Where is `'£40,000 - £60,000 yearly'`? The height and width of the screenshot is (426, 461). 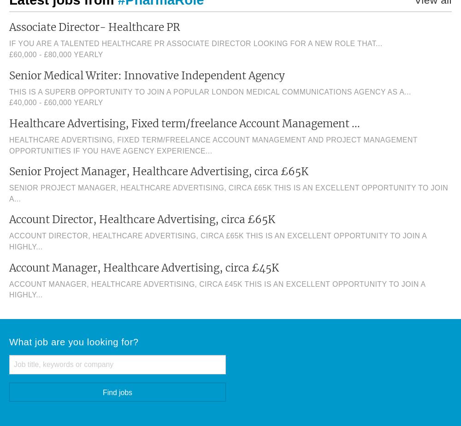 '£40,000 - £60,000 yearly' is located at coordinates (55, 102).